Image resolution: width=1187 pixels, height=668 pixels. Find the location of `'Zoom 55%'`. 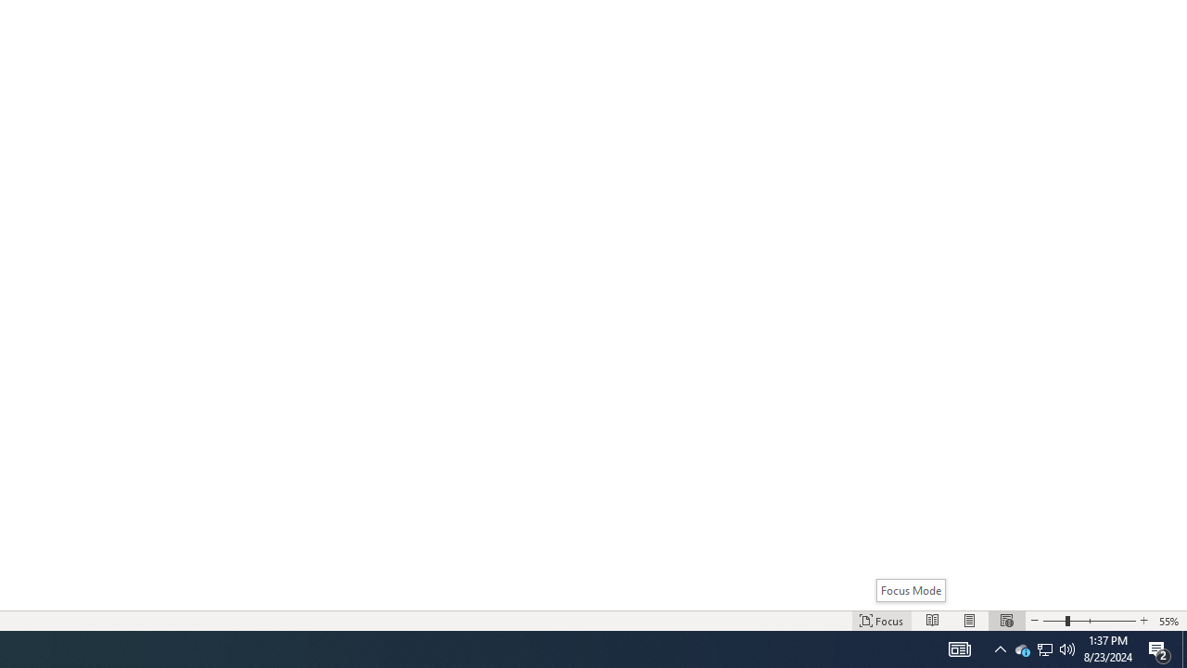

'Zoom 55%' is located at coordinates (1168, 621).